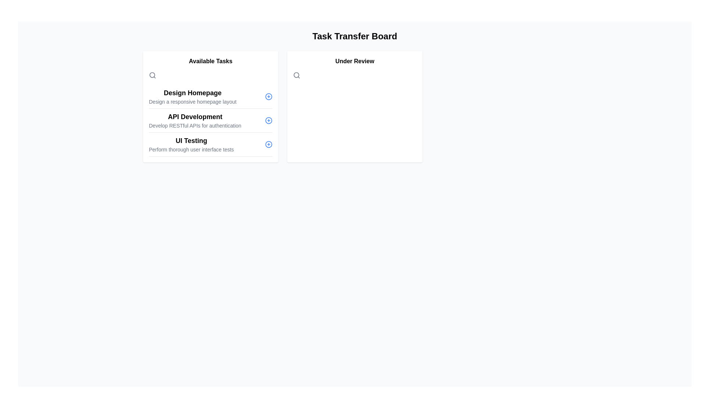 Image resolution: width=706 pixels, height=397 pixels. I want to click on the search icon (magnifying glass) located near the top-left corner of the 'Under Review' section to initiate a search action, so click(296, 75).